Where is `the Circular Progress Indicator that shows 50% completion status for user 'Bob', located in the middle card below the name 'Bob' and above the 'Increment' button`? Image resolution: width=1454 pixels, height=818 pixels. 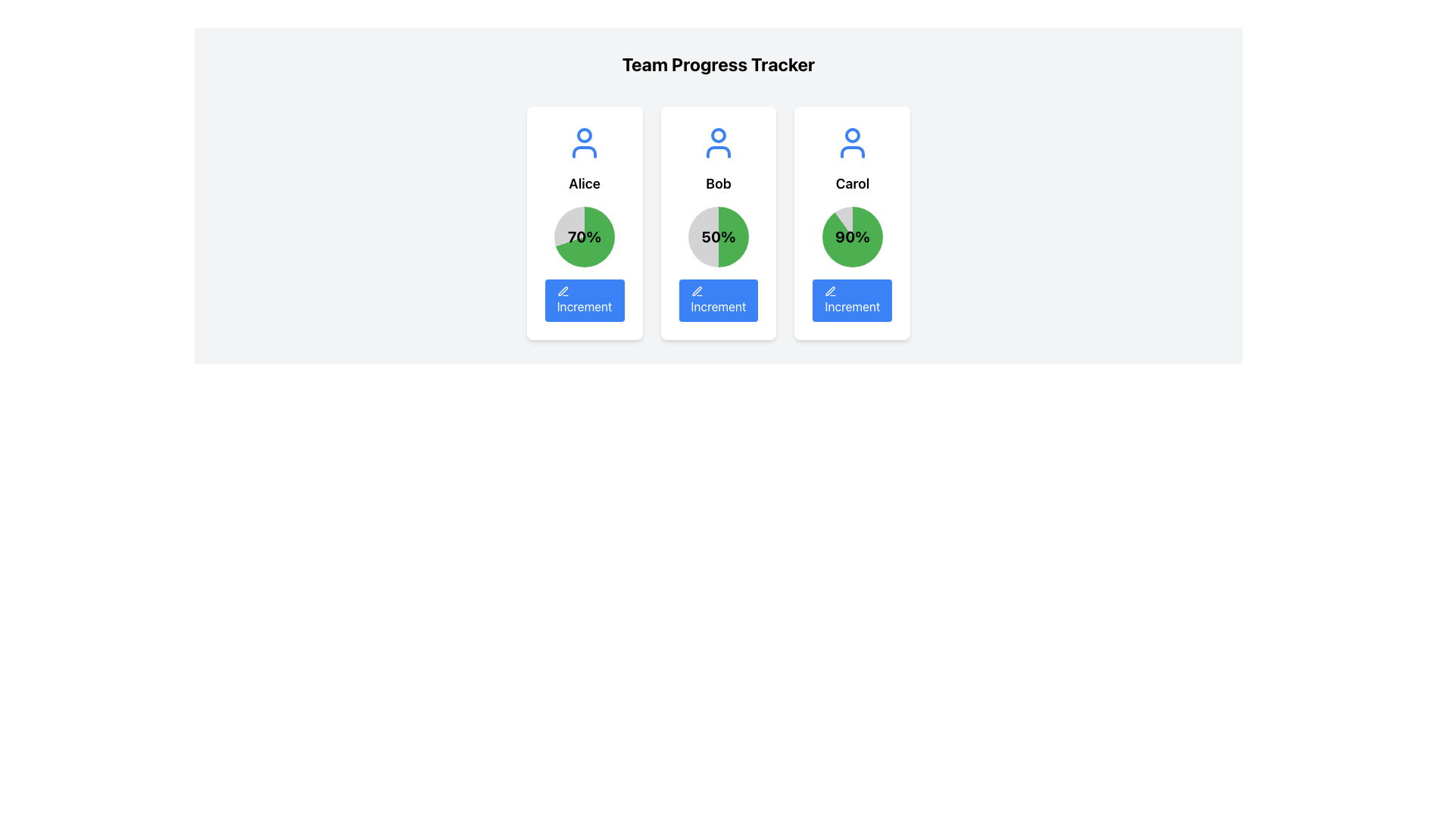
the Circular Progress Indicator that shows 50% completion status for user 'Bob', located in the middle card below the name 'Bob' and above the 'Increment' button is located at coordinates (718, 236).